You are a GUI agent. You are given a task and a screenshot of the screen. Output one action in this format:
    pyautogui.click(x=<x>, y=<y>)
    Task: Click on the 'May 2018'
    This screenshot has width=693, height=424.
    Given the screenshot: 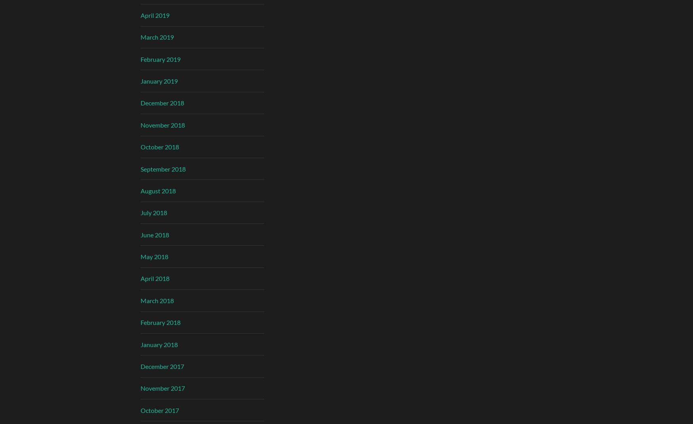 What is the action you would take?
    pyautogui.click(x=154, y=256)
    